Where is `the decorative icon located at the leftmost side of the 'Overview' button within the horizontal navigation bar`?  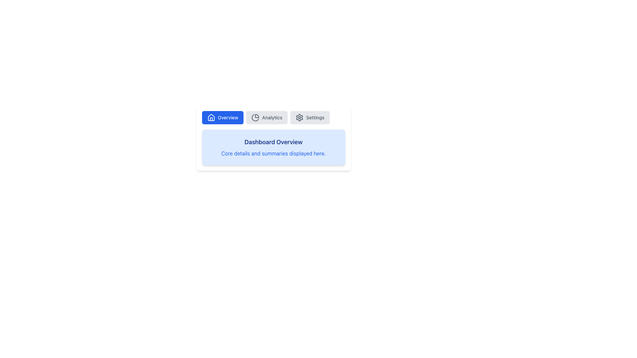
the decorative icon located at the leftmost side of the 'Overview' button within the horizontal navigation bar is located at coordinates (211, 117).